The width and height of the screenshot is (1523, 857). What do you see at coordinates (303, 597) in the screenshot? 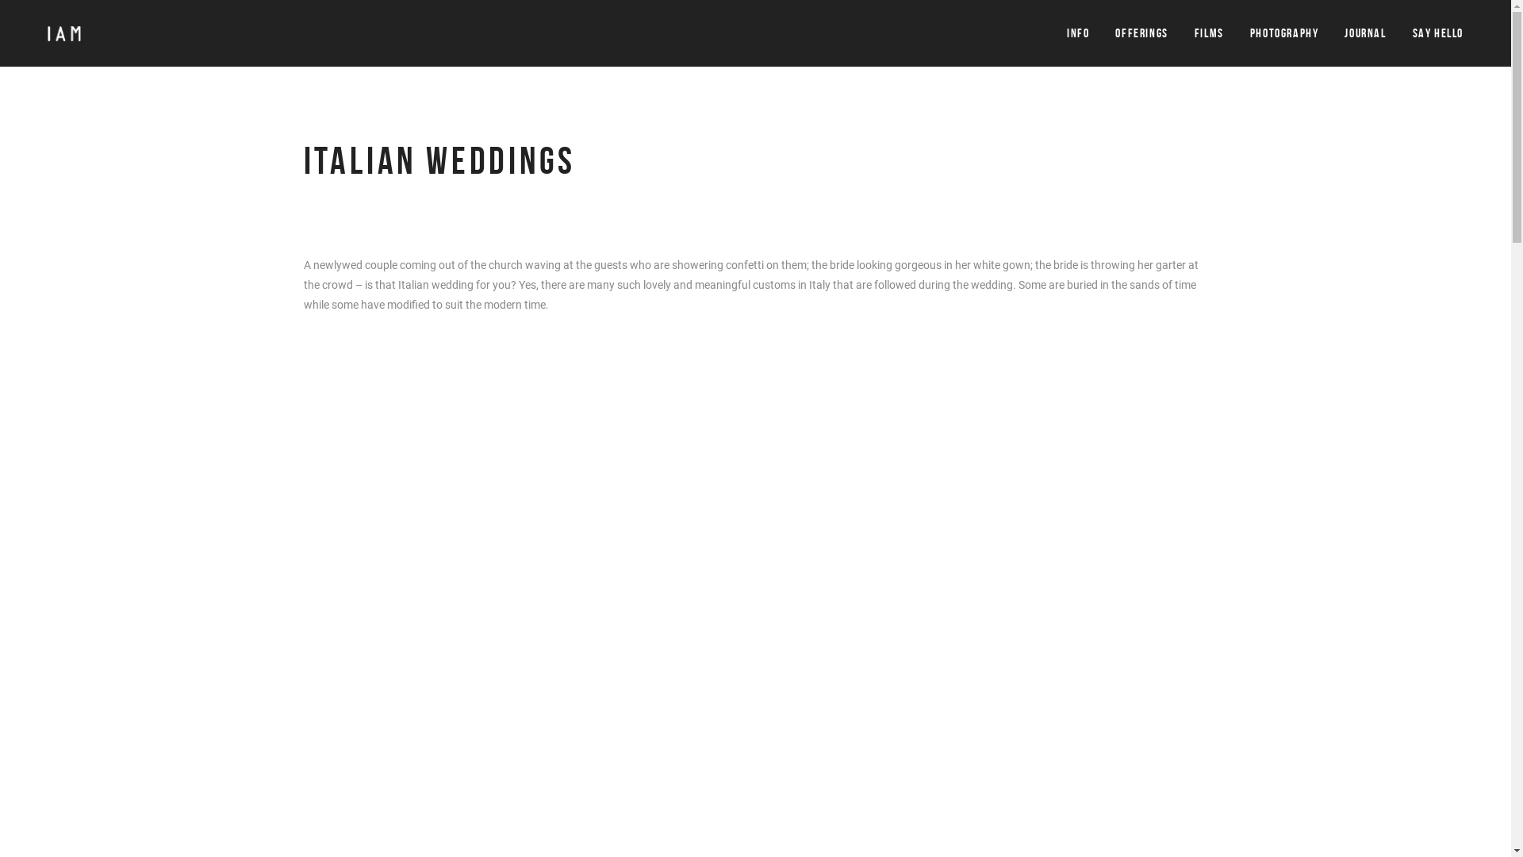
I see `'Peta + Chris __ Highlights Film'` at bounding box center [303, 597].